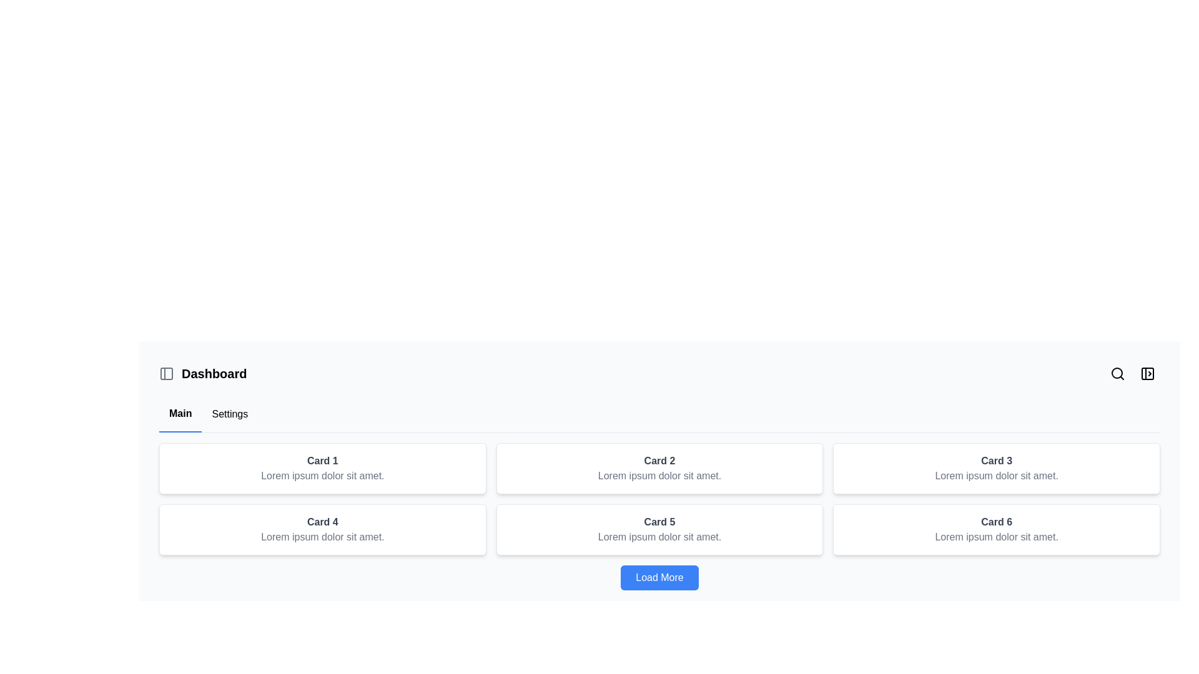 The image size is (1199, 674). Describe the element at coordinates (322, 469) in the screenshot. I see `the Grid item card labeled 'Card 1' which is the first item in its grid layout` at that location.